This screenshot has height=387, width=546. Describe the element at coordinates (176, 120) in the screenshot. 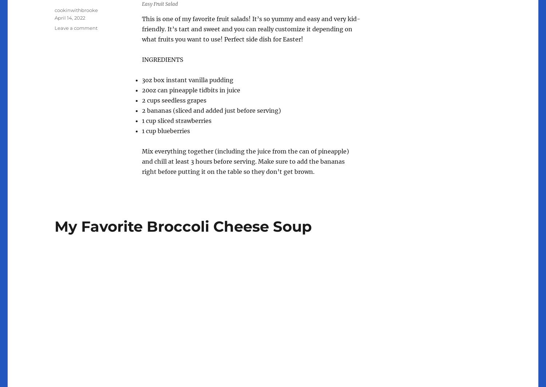

I see `'1 cup sliced strawberries'` at that location.